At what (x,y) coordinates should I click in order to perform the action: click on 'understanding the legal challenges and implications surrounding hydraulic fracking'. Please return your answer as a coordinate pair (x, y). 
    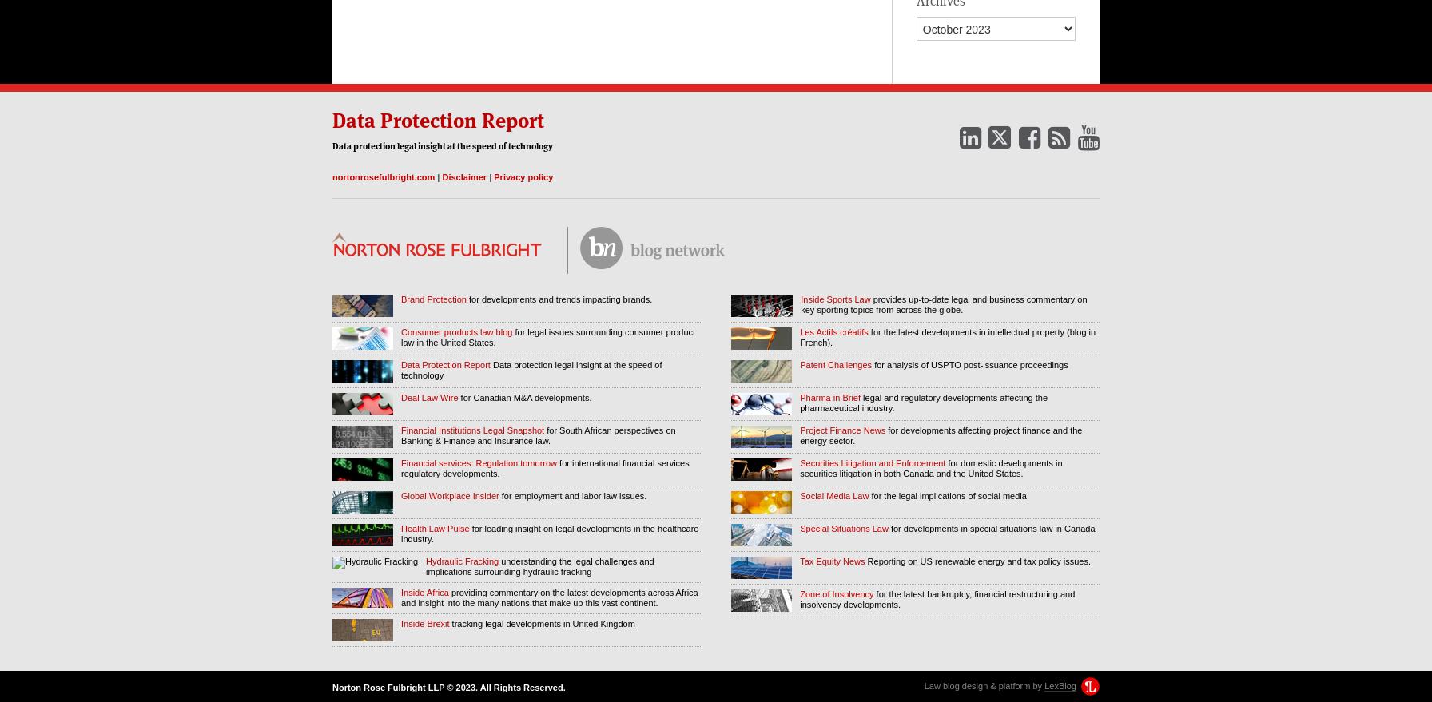
    Looking at the image, I should click on (539, 565).